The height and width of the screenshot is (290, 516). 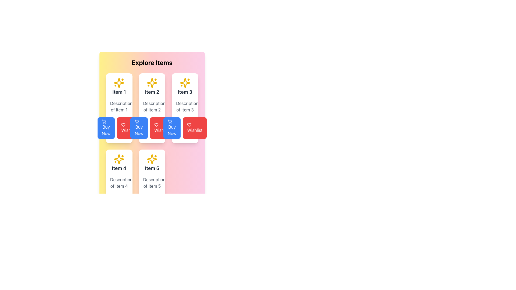 What do you see at coordinates (119, 183) in the screenshot?
I see `the static text element providing details about 'Item 4', which is located in the second row and first column of the grid layout, positioned directly below the 'Item 4' title text` at bounding box center [119, 183].